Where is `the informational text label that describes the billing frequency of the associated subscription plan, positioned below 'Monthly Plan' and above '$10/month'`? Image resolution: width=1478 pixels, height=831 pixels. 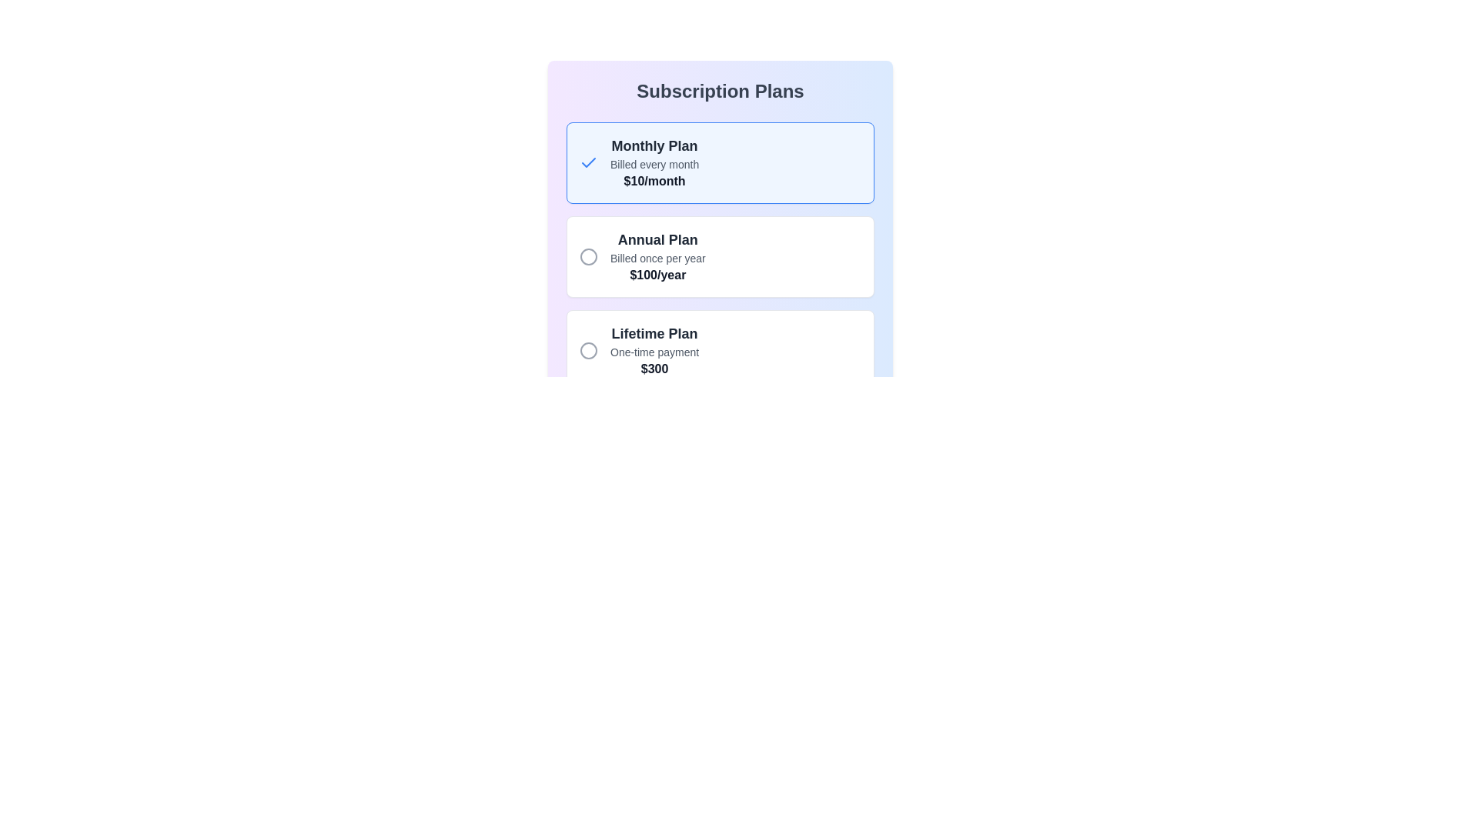
the informational text label that describes the billing frequency of the associated subscription plan, positioned below 'Monthly Plan' and above '$10/month' is located at coordinates (654, 164).